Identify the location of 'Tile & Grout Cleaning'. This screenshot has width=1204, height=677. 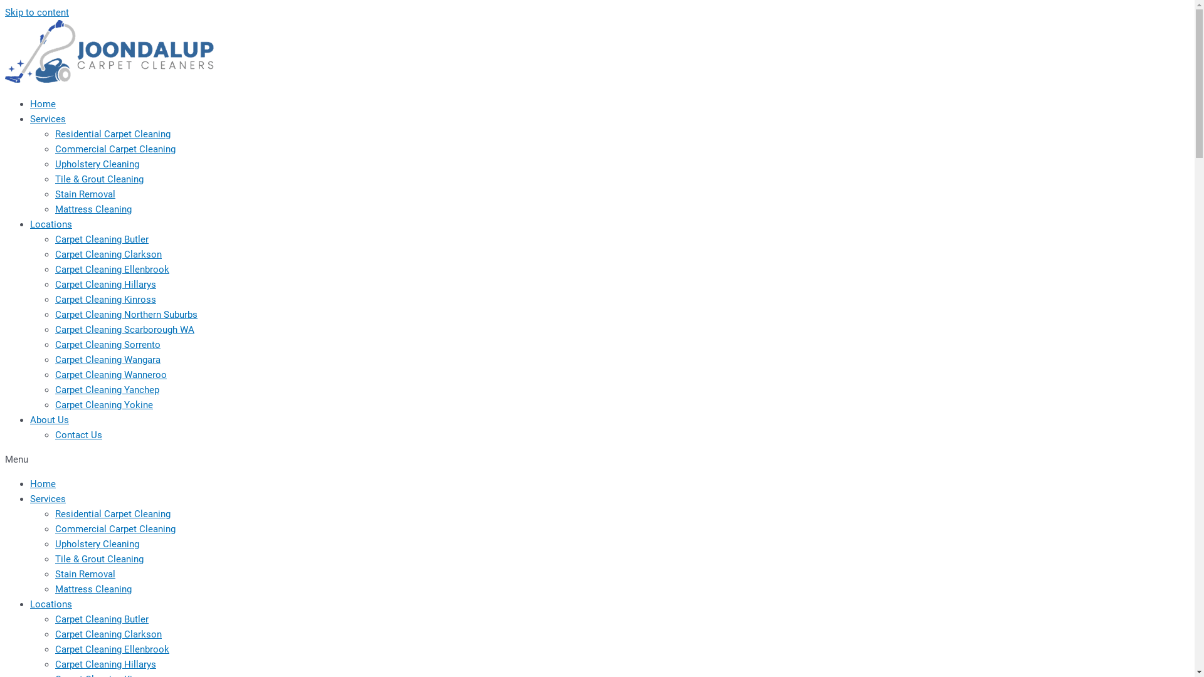
(98, 179).